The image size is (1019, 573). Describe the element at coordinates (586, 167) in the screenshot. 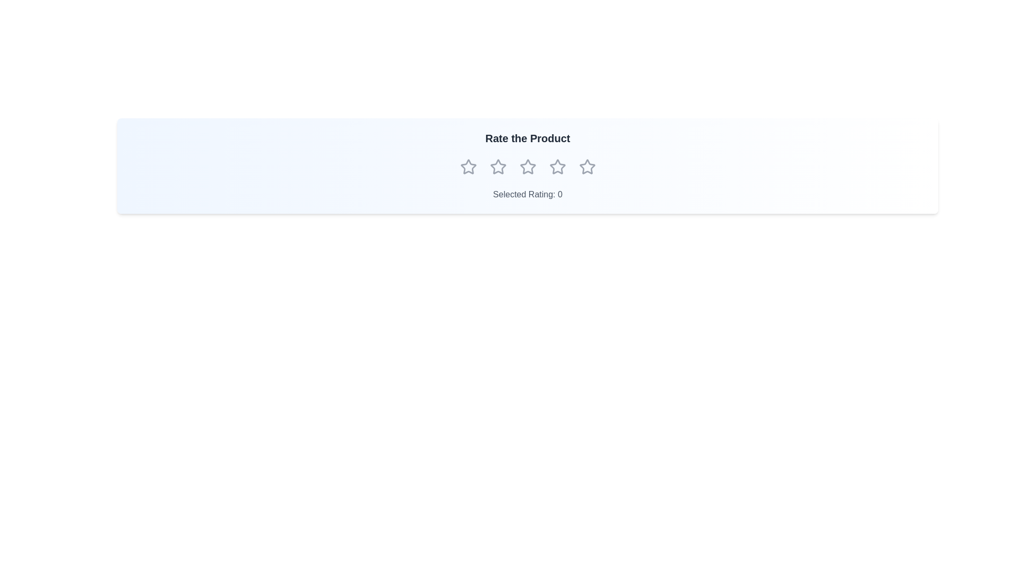

I see `the fifth star icon in the rating system to assign a rating of five out of five` at that location.